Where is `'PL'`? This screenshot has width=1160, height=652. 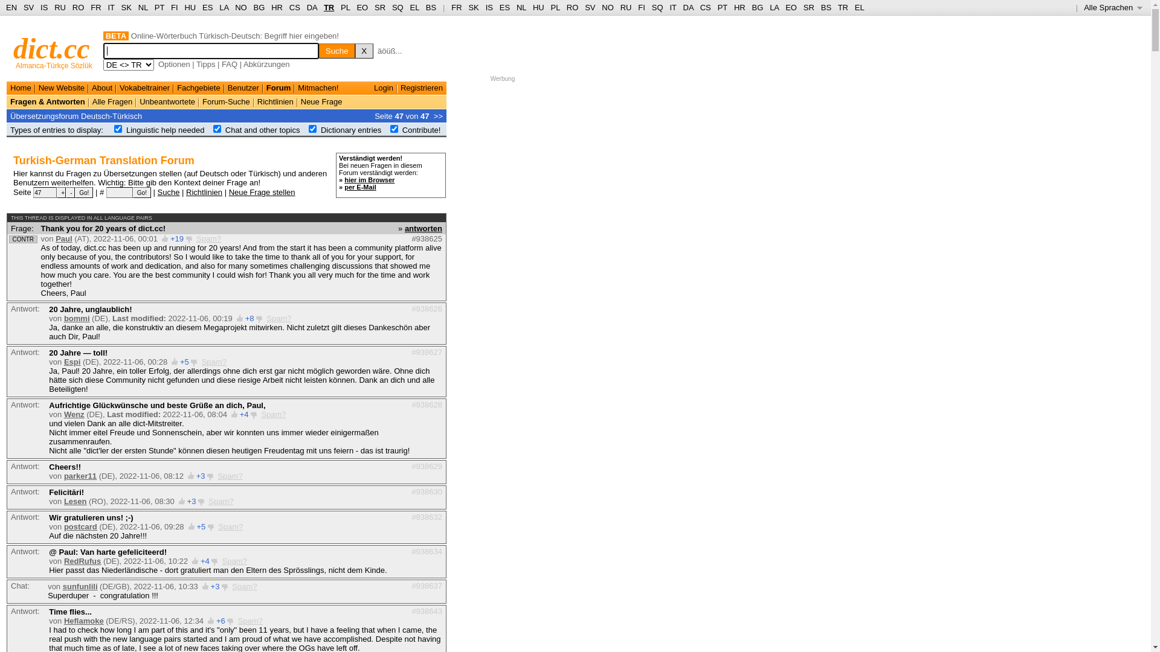 'PL' is located at coordinates (344, 7).